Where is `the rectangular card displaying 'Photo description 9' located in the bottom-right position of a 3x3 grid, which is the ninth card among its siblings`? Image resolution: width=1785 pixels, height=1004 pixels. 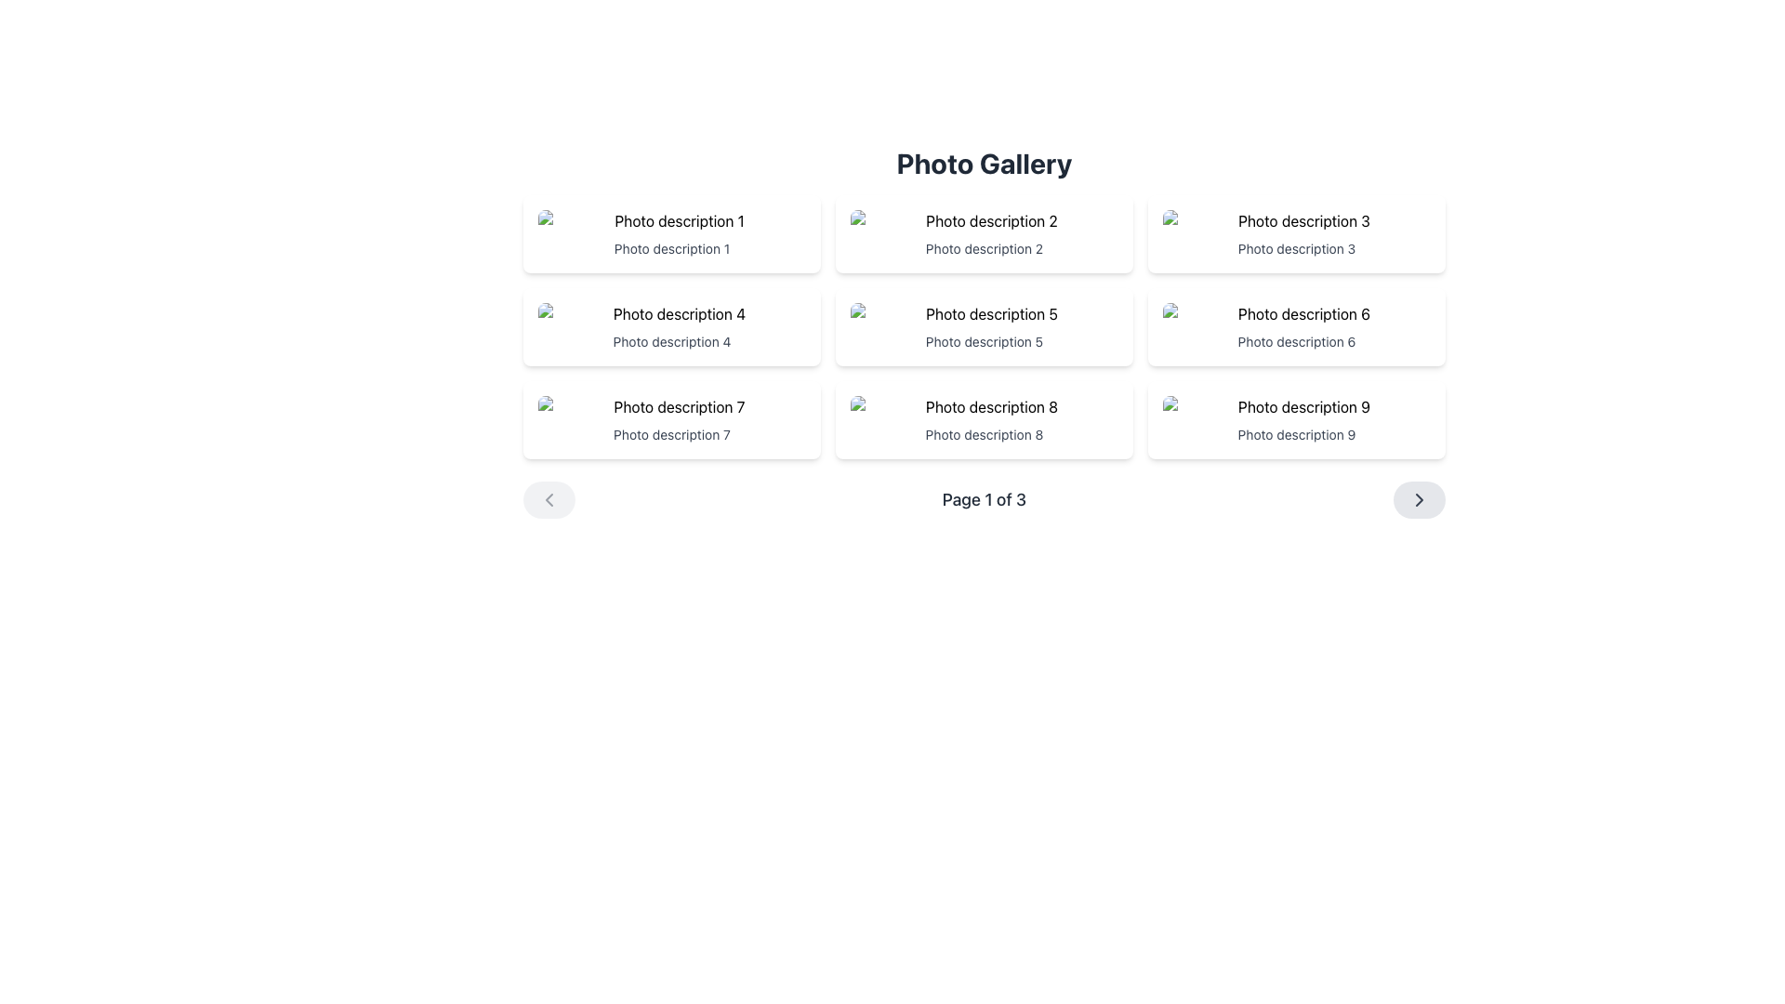
the rectangular card displaying 'Photo description 9' located in the bottom-right position of a 3x3 grid, which is the ninth card among its siblings is located at coordinates (1296, 419).